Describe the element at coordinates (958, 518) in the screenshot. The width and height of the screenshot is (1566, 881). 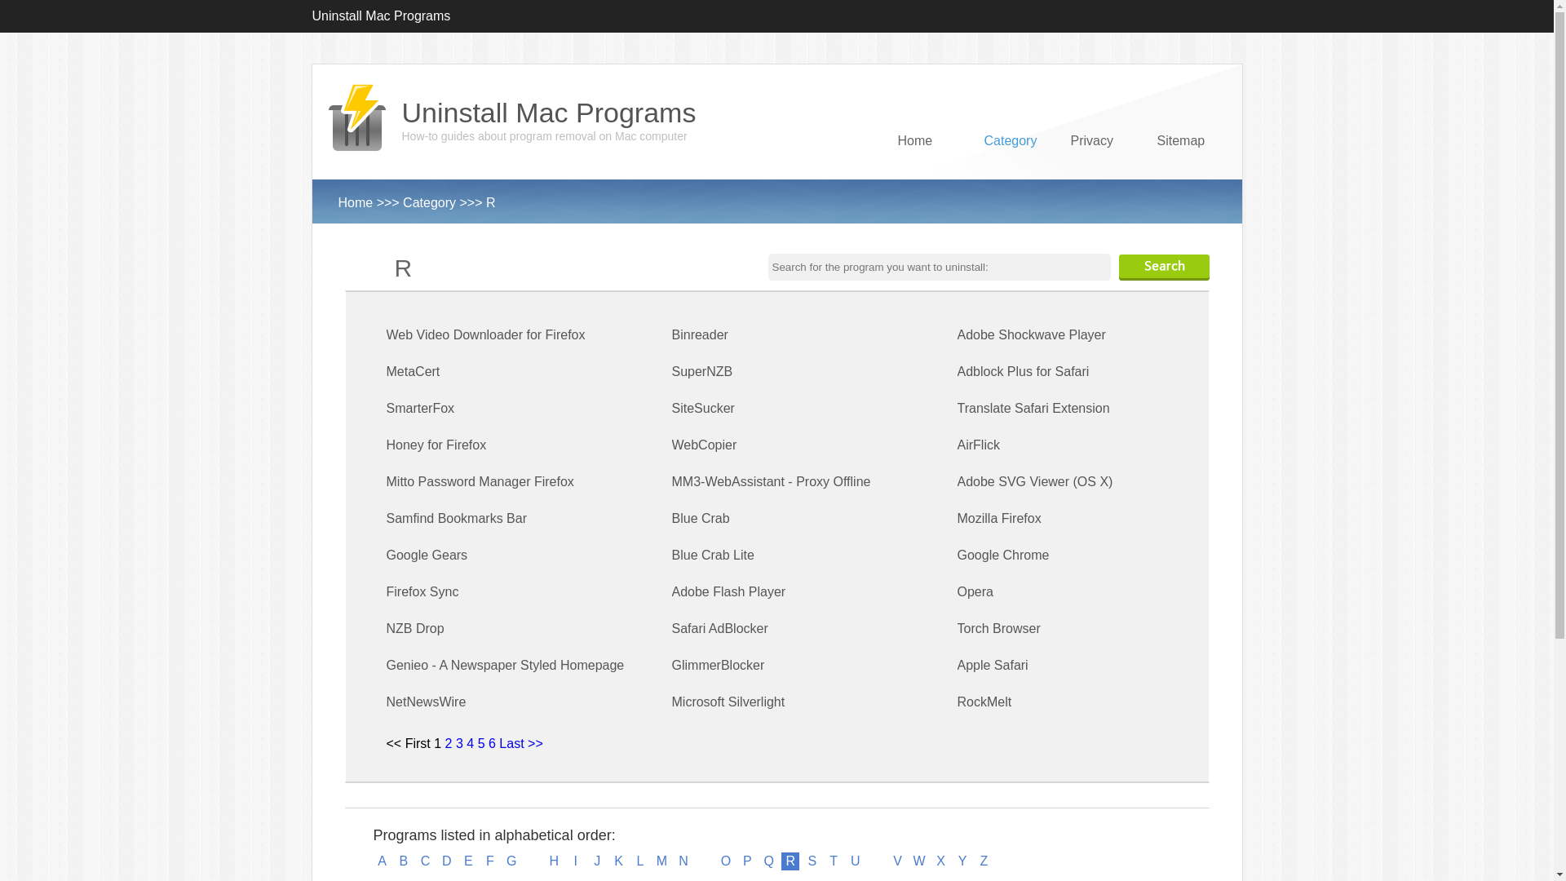
I see `'Mozilla Firefox'` at that location.